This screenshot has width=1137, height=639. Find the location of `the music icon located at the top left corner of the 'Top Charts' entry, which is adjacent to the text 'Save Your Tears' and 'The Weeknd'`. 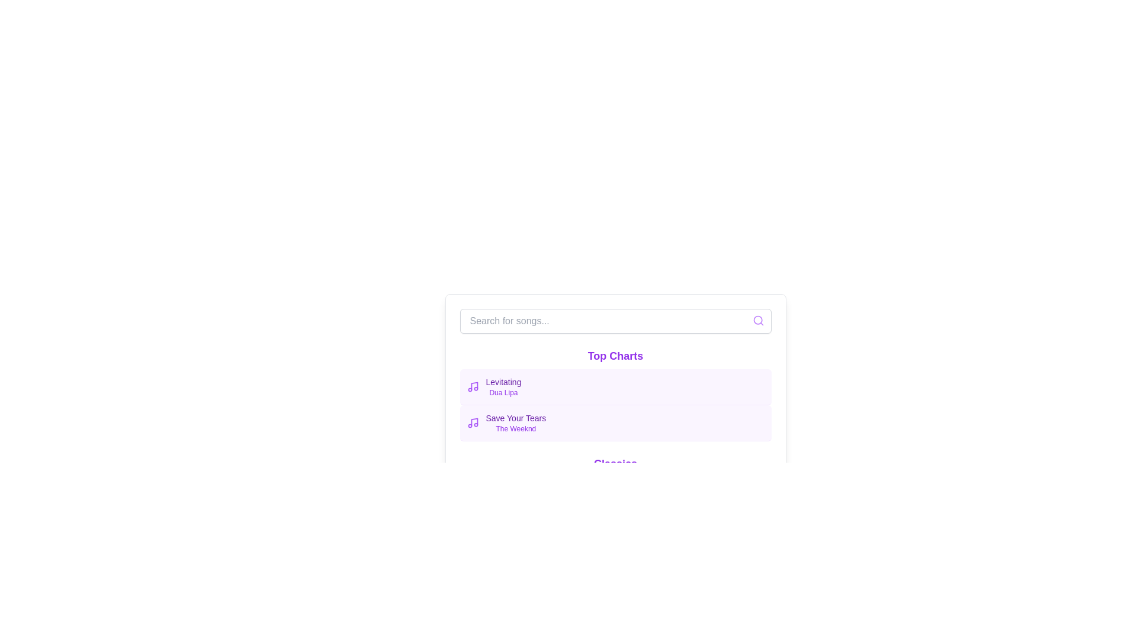

the music icon located at the top left corner of the 'Top Charts' entry, which is adjacent to the text 'Save Your Tears' and 'The Weeknd' is located at coordinates (472, 422).